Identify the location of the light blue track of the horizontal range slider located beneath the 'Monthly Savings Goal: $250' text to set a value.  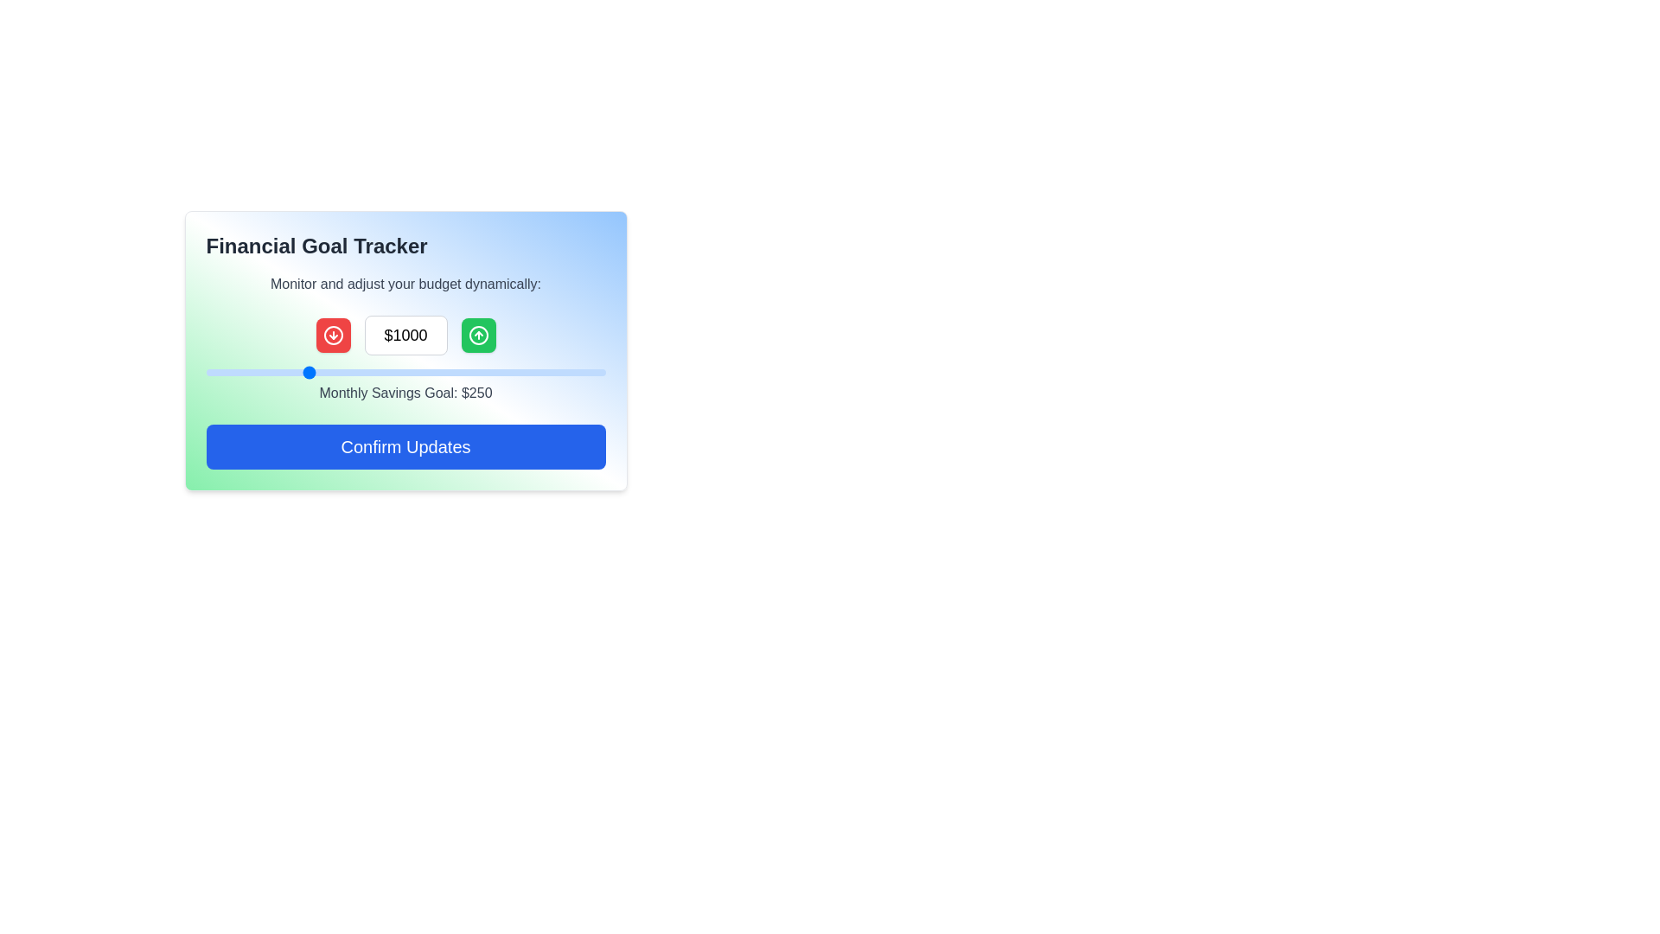
(405, 372).